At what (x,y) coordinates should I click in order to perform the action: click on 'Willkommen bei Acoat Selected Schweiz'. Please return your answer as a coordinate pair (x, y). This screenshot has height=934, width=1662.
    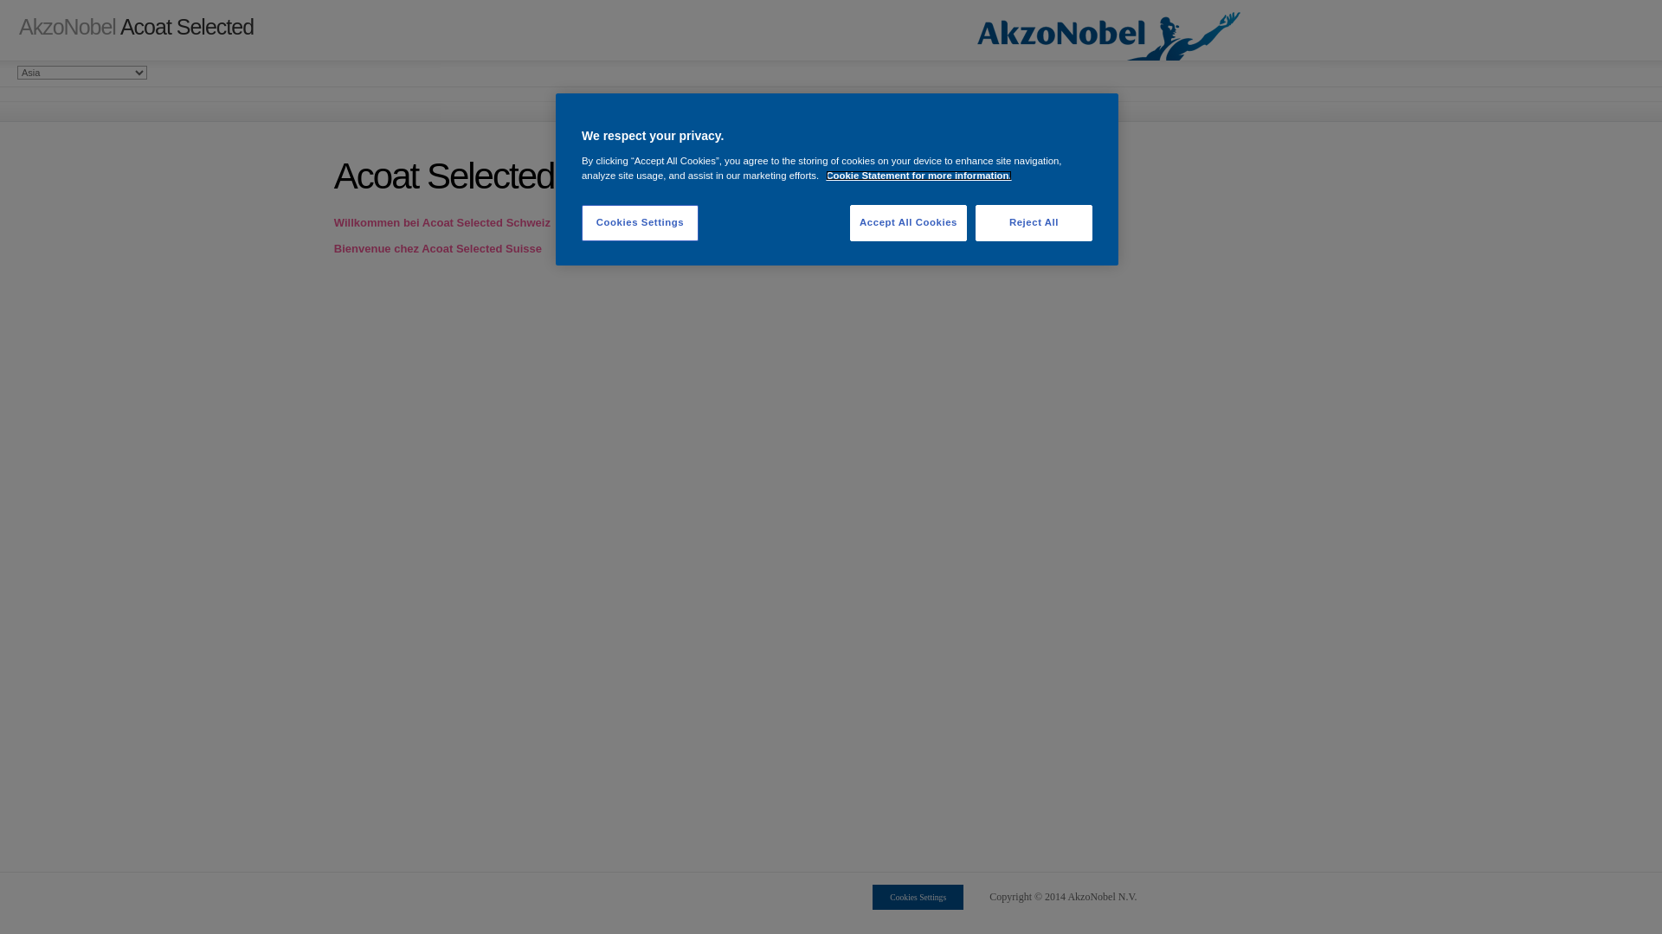
    Looking at the image, I should click on (333, 221).